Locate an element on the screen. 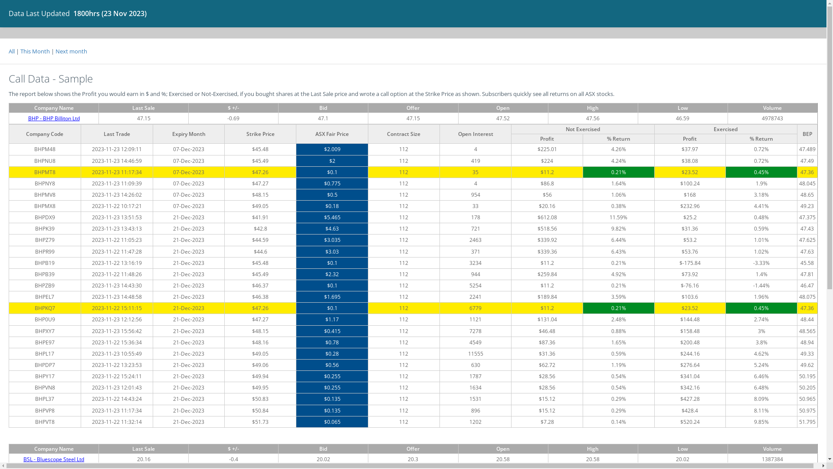 This screenshot has width=833, height=469. 'This Month' is located at coordinates (35, 51).